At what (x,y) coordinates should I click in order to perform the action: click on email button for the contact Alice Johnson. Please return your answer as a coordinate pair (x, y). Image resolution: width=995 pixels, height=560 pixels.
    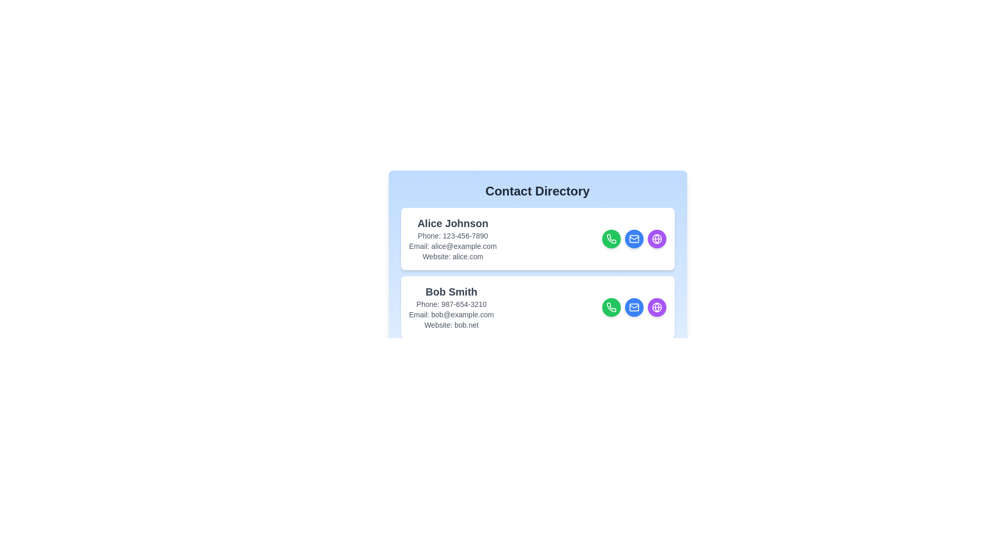
    Looking at the image, I should click on (633, 239).